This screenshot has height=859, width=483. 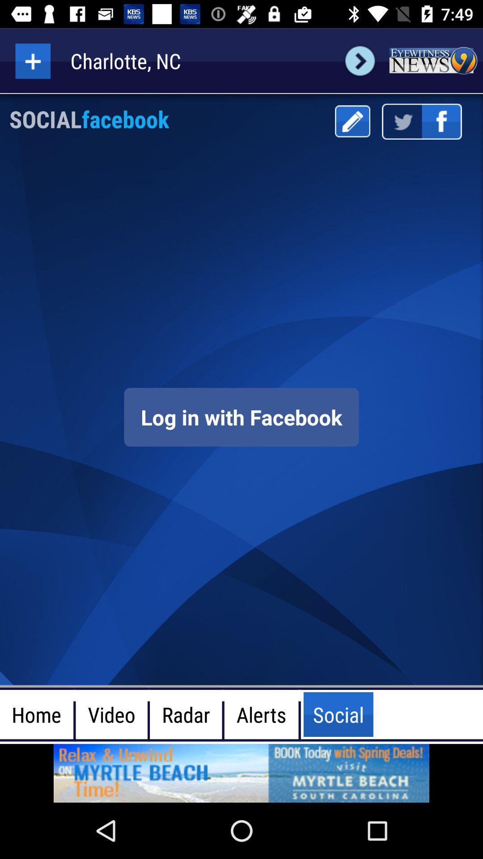 What do you see at coordinates (352, 121) in the screenshot?
I see `the edit icon` at bounding box center [352, 121].